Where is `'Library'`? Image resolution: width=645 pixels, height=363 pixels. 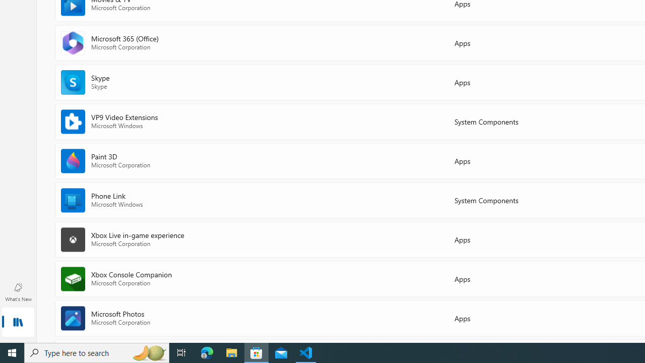 'Library' is located at coordinates (18, 323).